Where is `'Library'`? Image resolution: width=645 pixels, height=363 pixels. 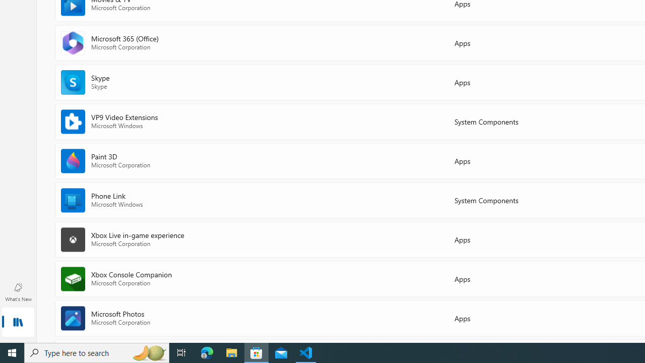 'Library' is located at coordinates (18, 323).